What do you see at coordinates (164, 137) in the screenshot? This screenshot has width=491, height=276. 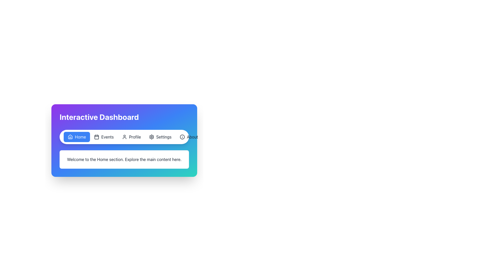 I see `the text label located in the interactive navigation bar to the right of the 'Profile' link and adjacent to the gear icon` at bounding box center [164, 137].